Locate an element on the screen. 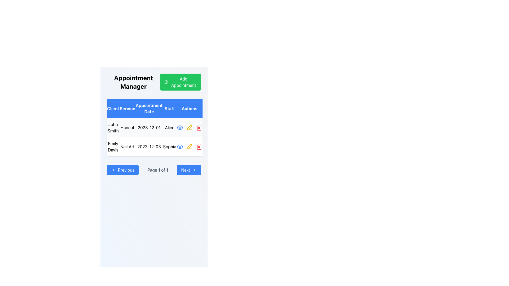  the yellow pen icon button located in the 'Actions' column of the second row in the 'Appointment Manager' interface to observe the hover effect is located at coordinates (189, 147).